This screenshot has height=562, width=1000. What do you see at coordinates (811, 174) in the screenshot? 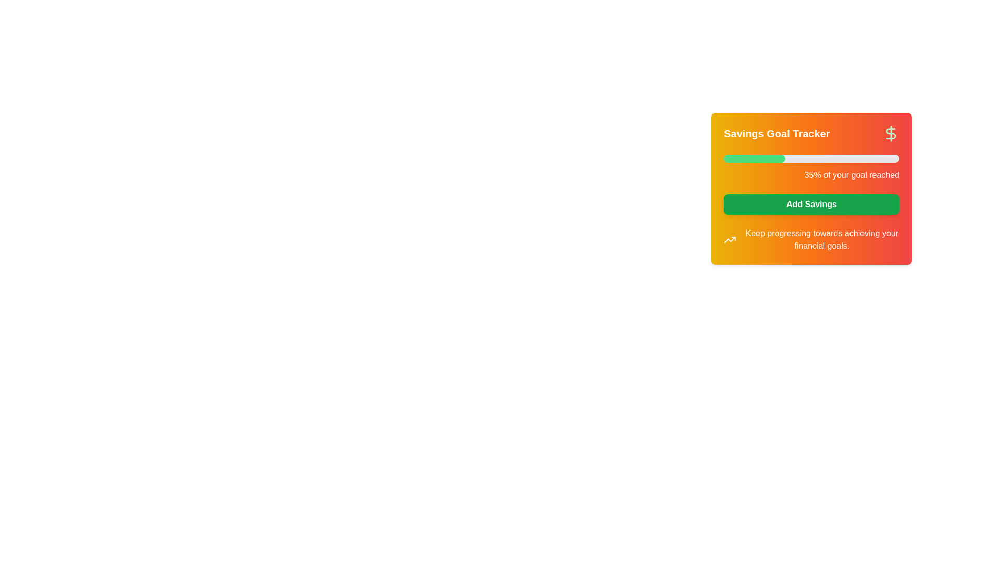
I see `the progress indicator text label located below the green completion progress bar in the 'Savings Goal Tracker' card` at bounding box center [811, 174].